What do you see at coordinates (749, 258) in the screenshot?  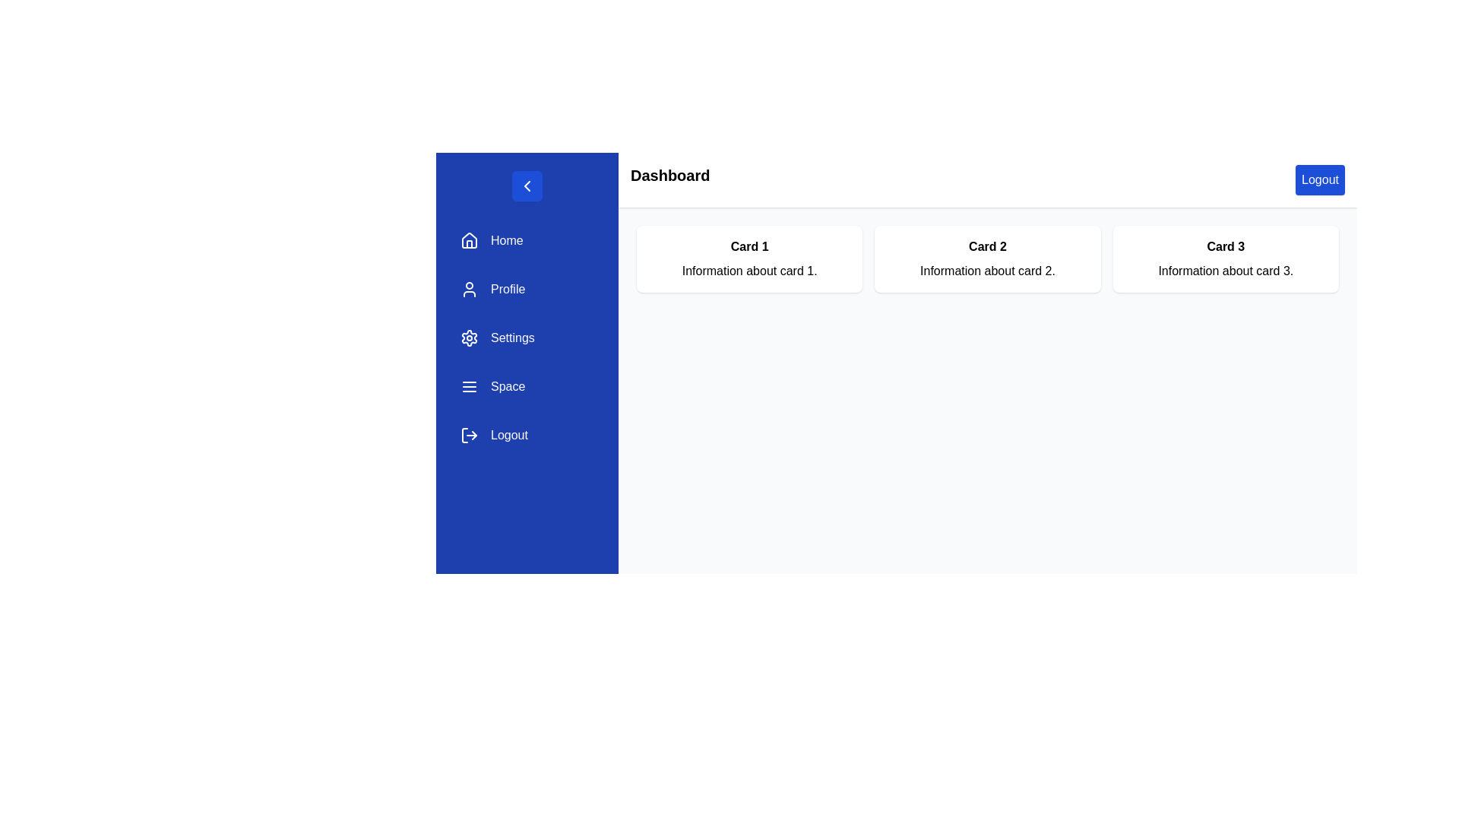 I see `any potentially interactive elements within the 'Card 1' informational card, which is the first card in a horizontal grid layout near the top-right section of the interface` at bounding box center [749, 258].